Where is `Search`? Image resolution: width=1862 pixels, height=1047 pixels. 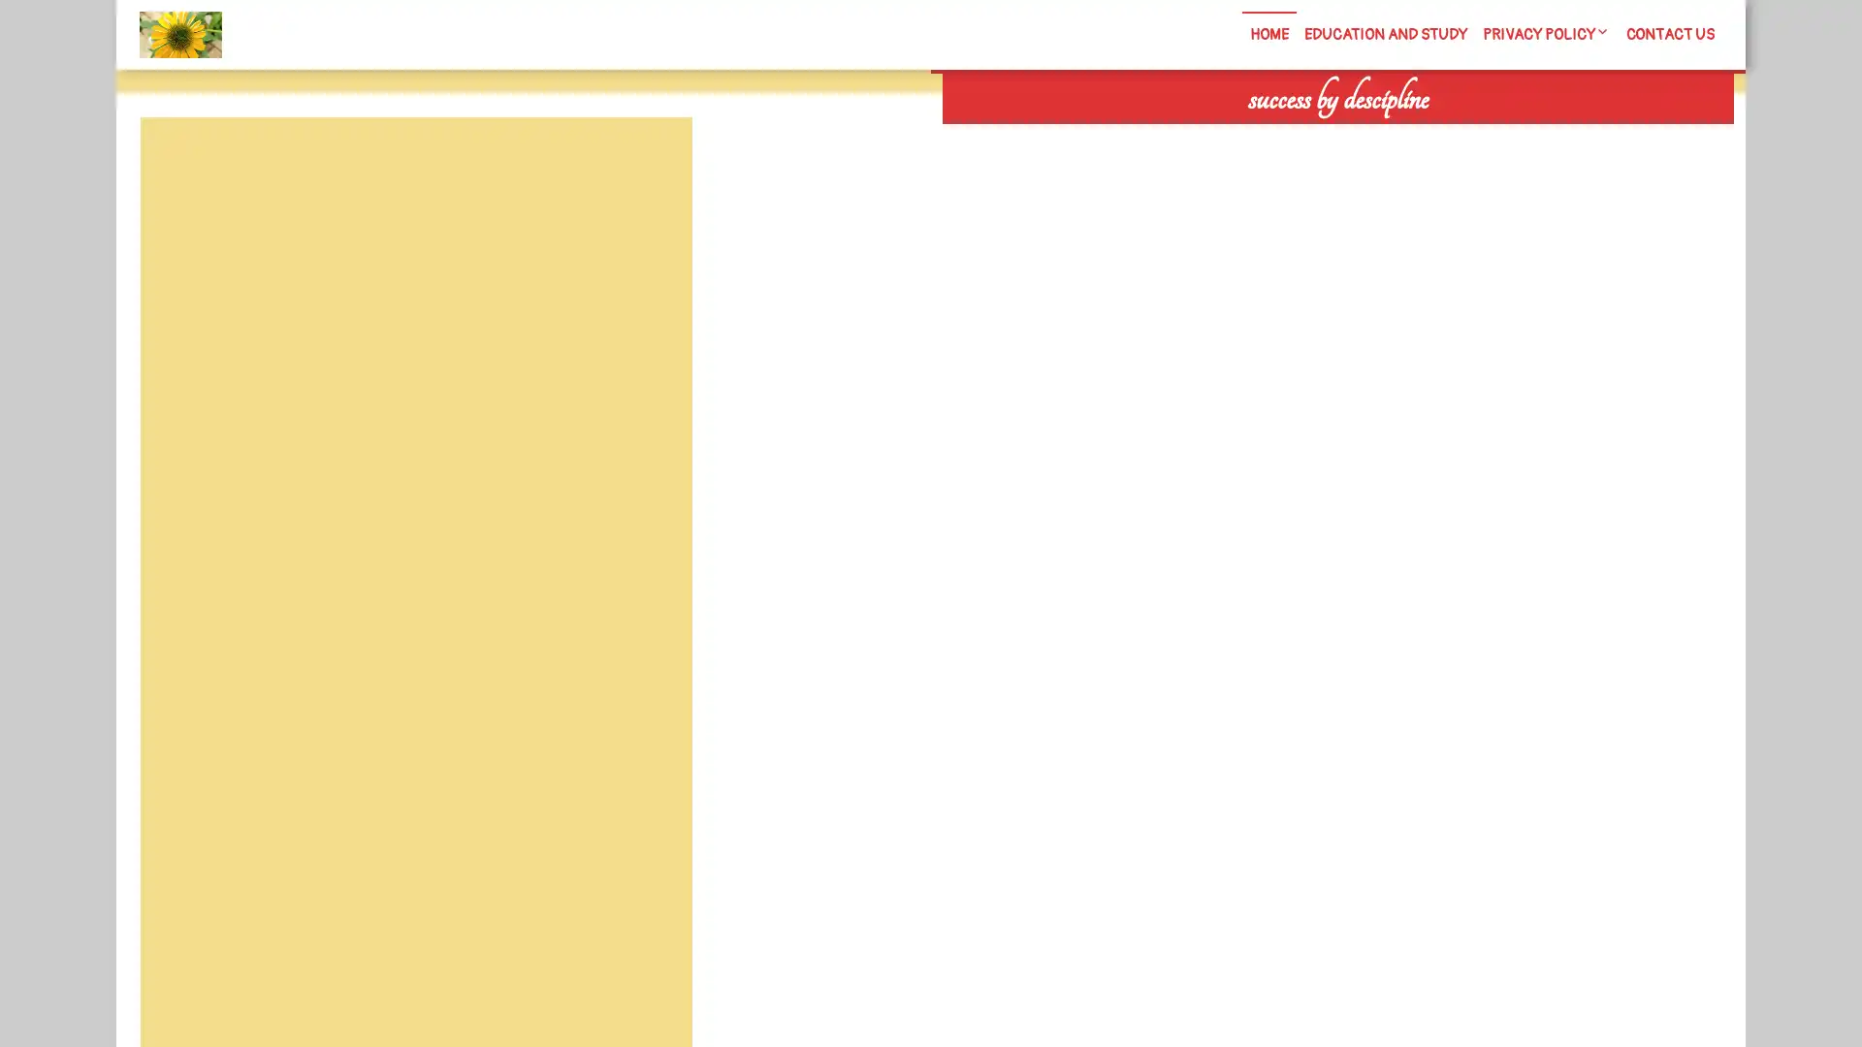 Search is located at coordinates (1510, 136).